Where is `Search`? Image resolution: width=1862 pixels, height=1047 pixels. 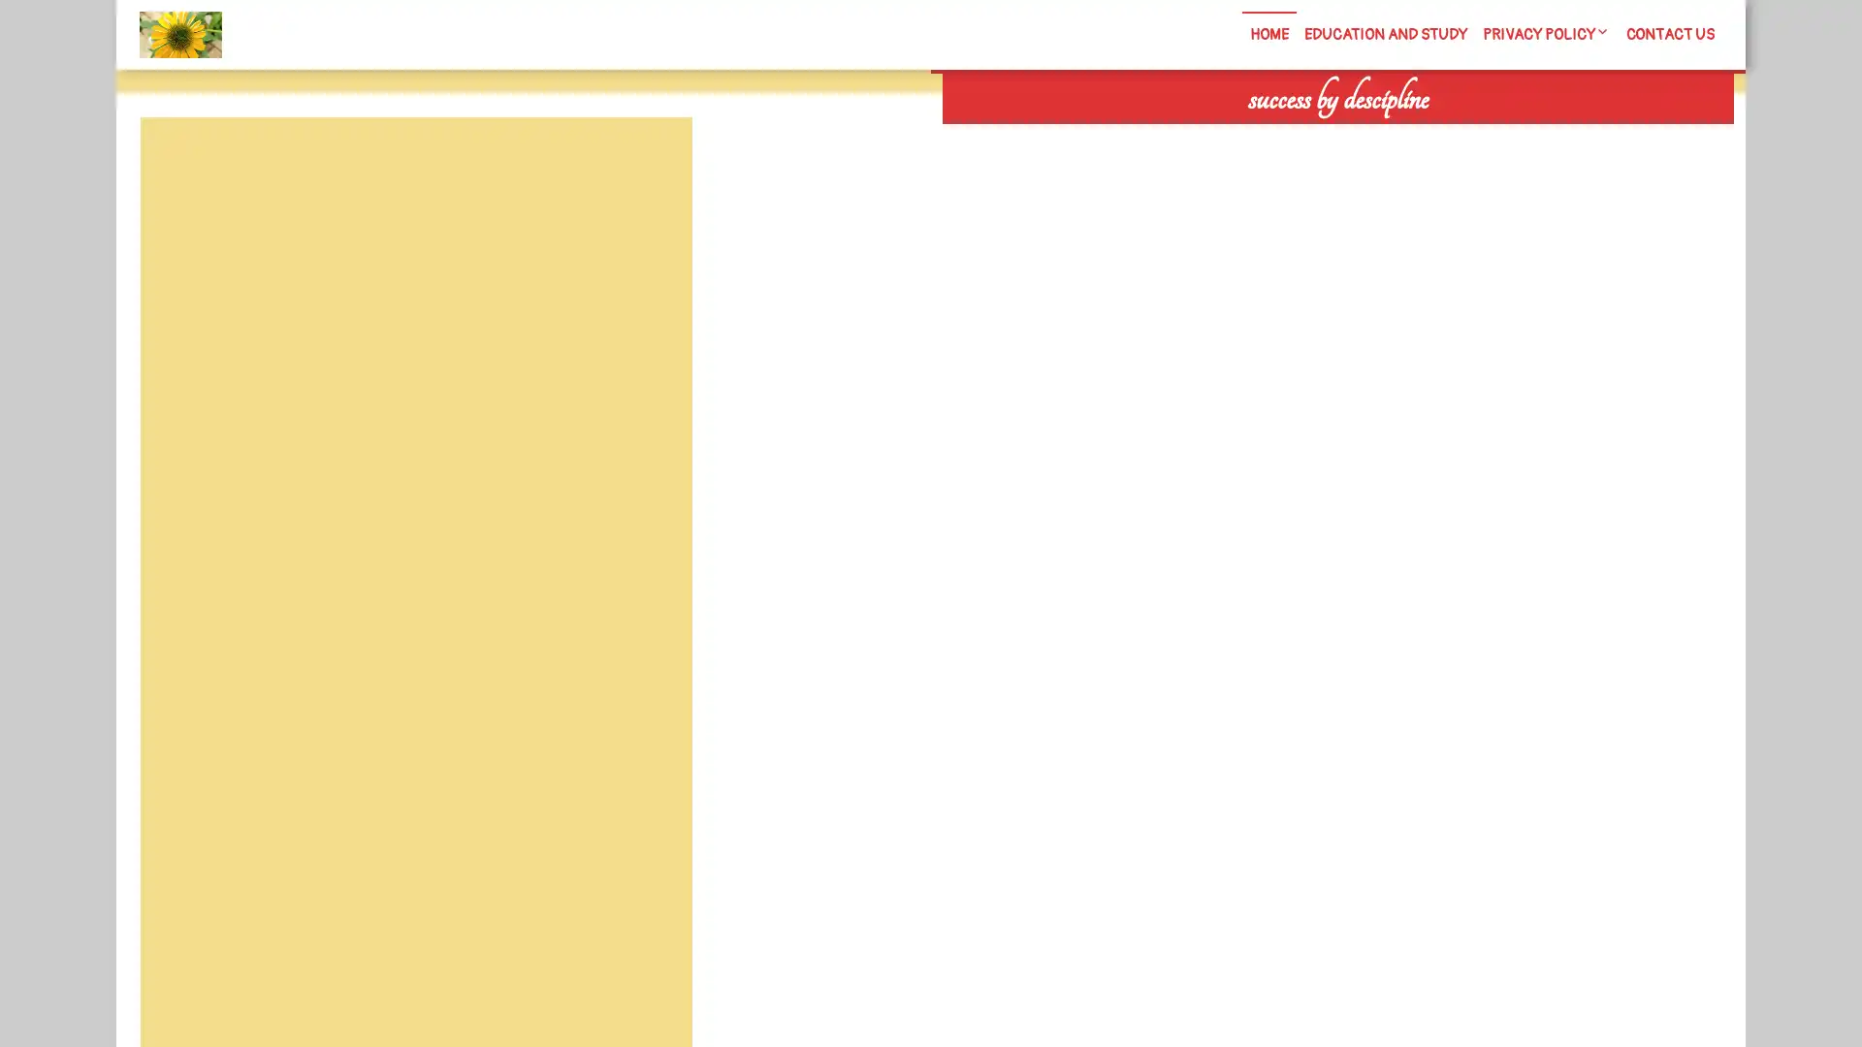 Search is located at coordinates (1510, 136).